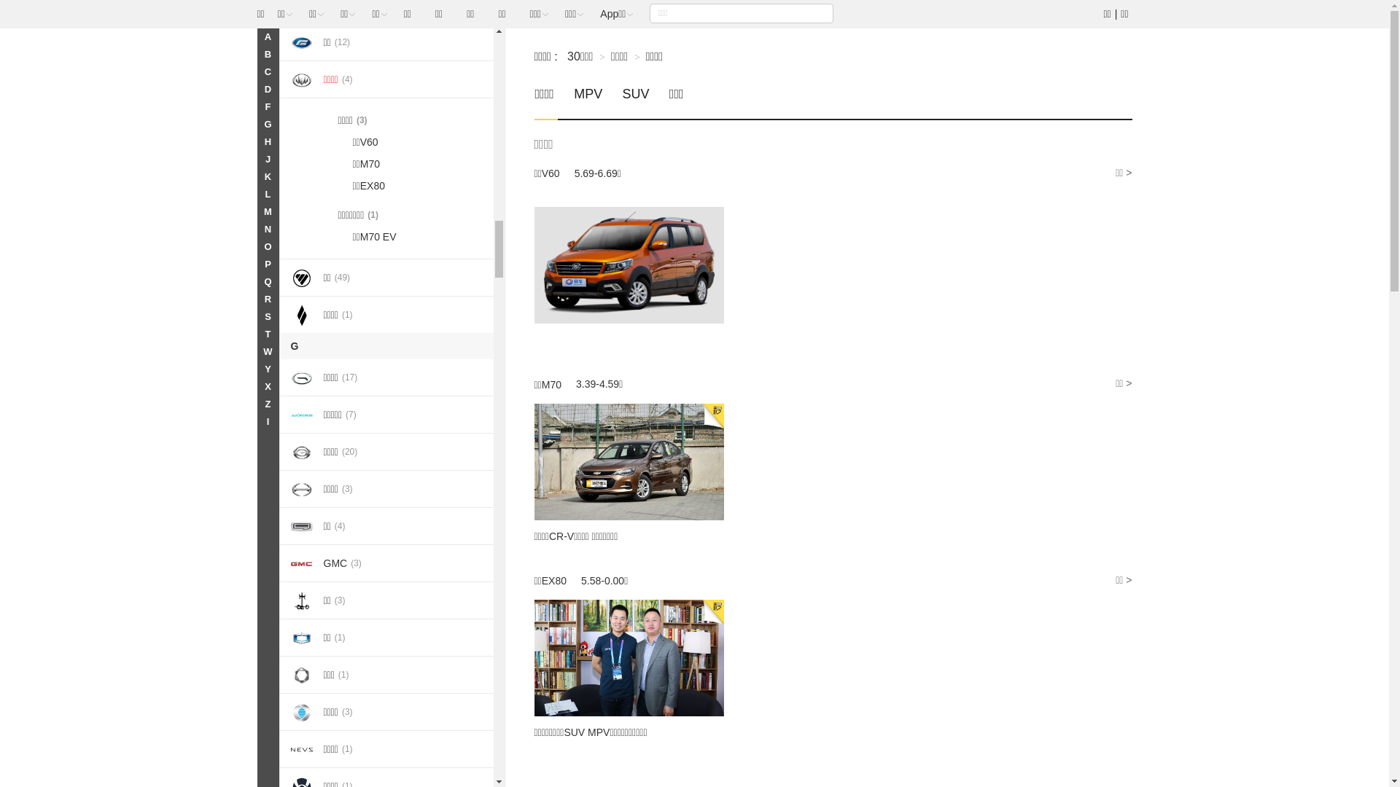  I want to click on 'N', so click(256, 230).